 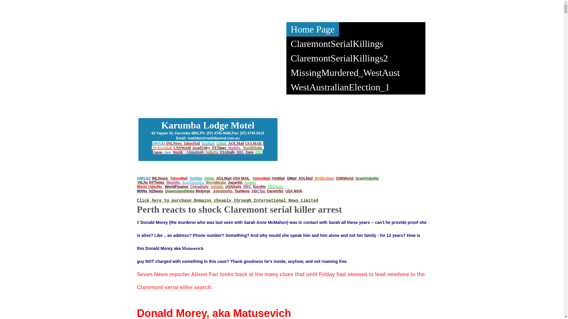 I want to click on ' ', so click(x=244, y=182).